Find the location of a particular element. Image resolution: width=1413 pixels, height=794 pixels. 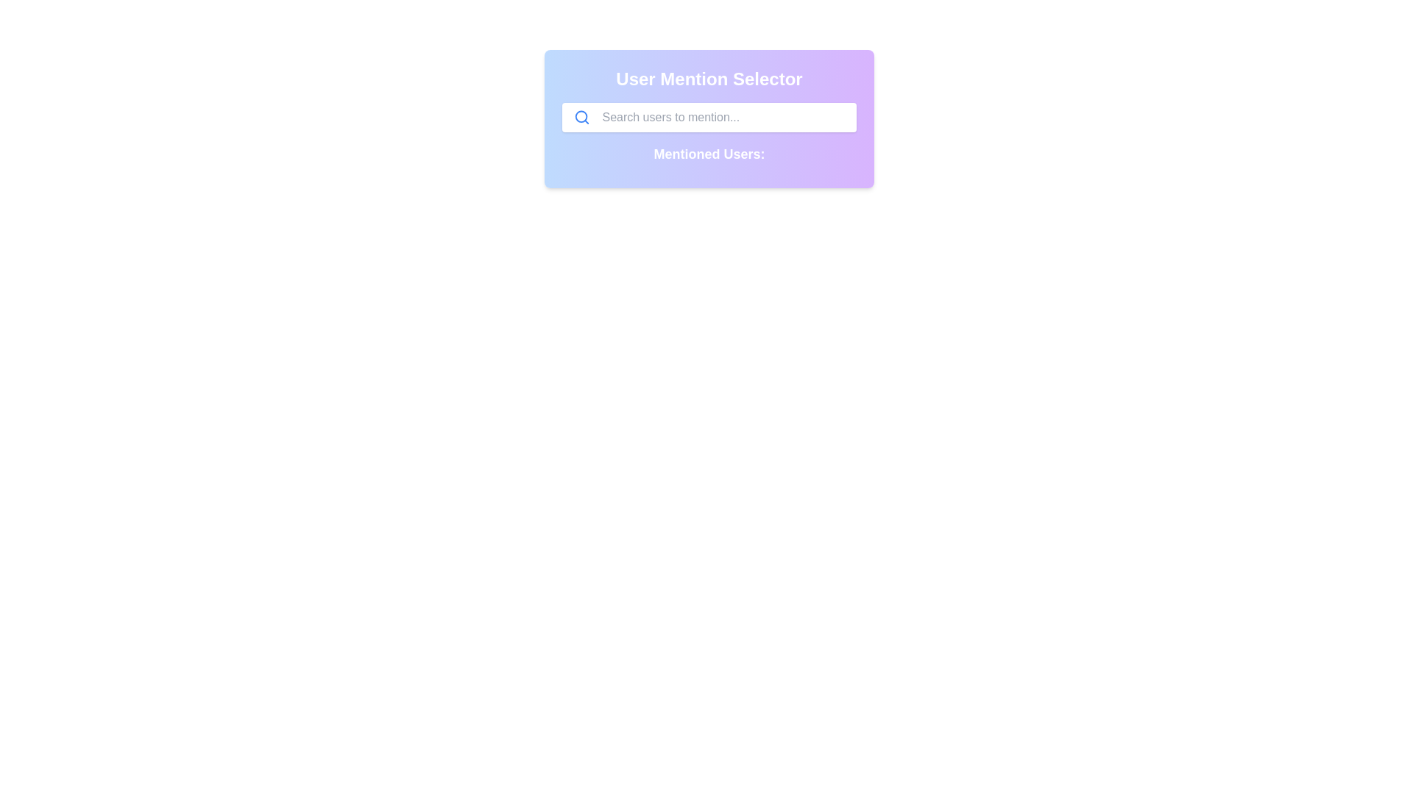

the inner circular part of the magnifying glass icon located to the left side within the search input field of the 'User Mention Selector' interface panel is located at coordinates (581, 116).